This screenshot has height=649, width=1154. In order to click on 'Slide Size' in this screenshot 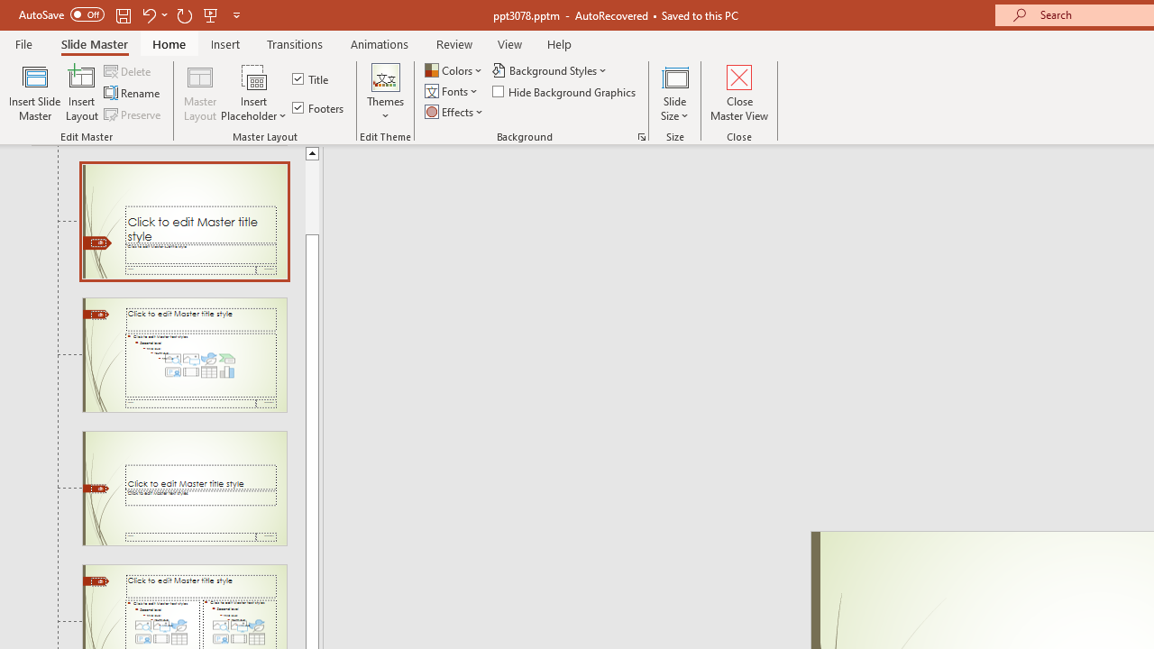, I will do `click(674, 93)`.